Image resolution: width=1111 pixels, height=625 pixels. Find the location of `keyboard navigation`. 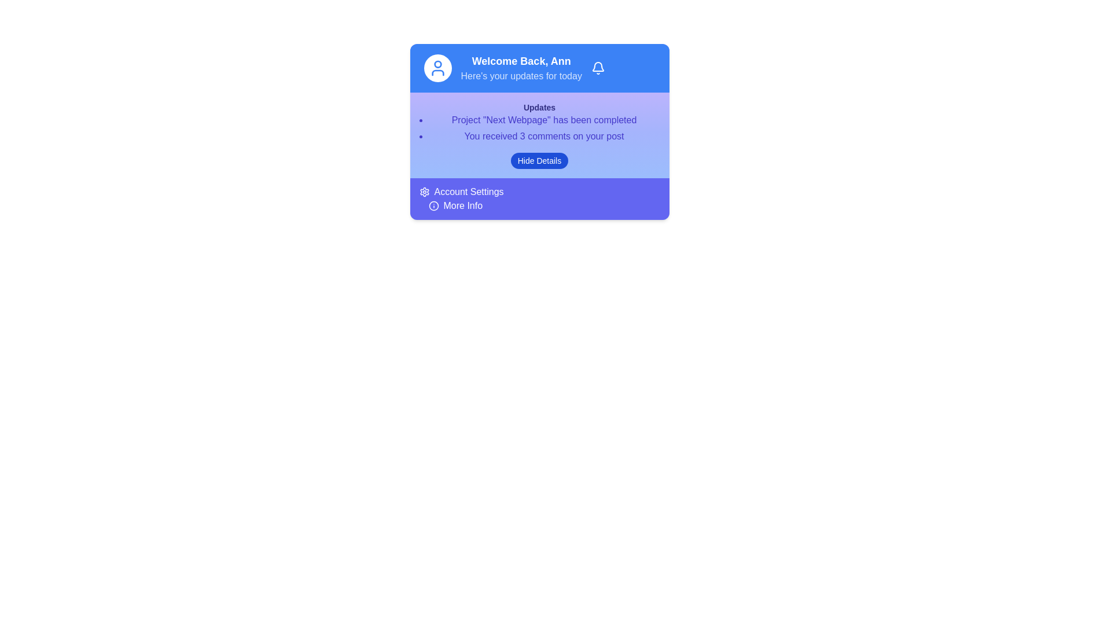

keyboard navigation is located at coordinates (455, 205).